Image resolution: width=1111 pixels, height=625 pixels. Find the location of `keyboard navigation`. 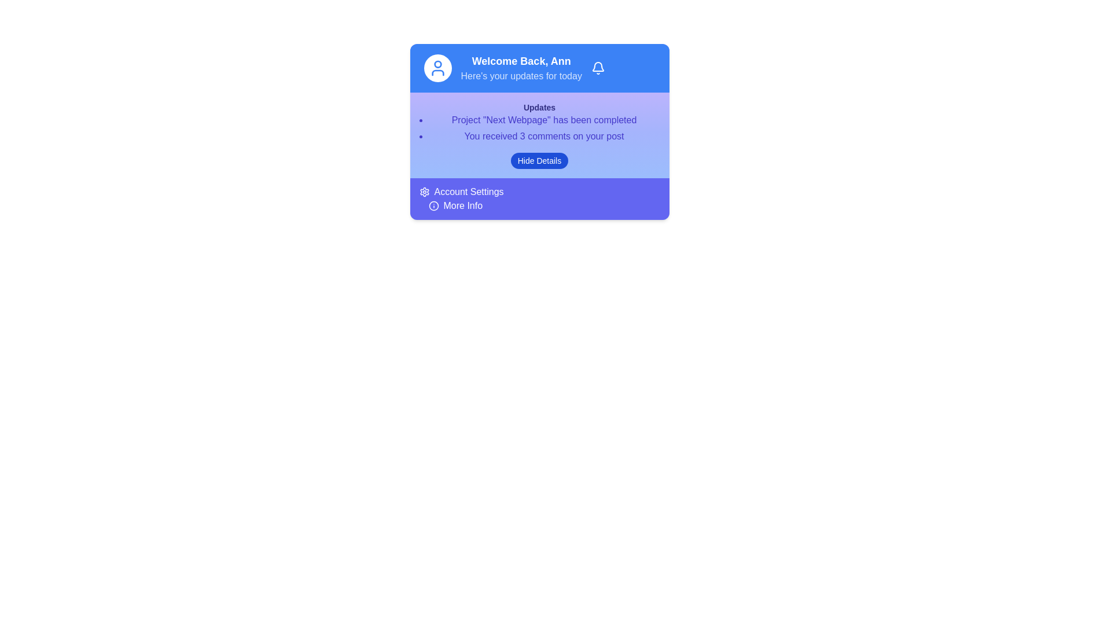

keyboard navigation is located at coordinates (455, 205).